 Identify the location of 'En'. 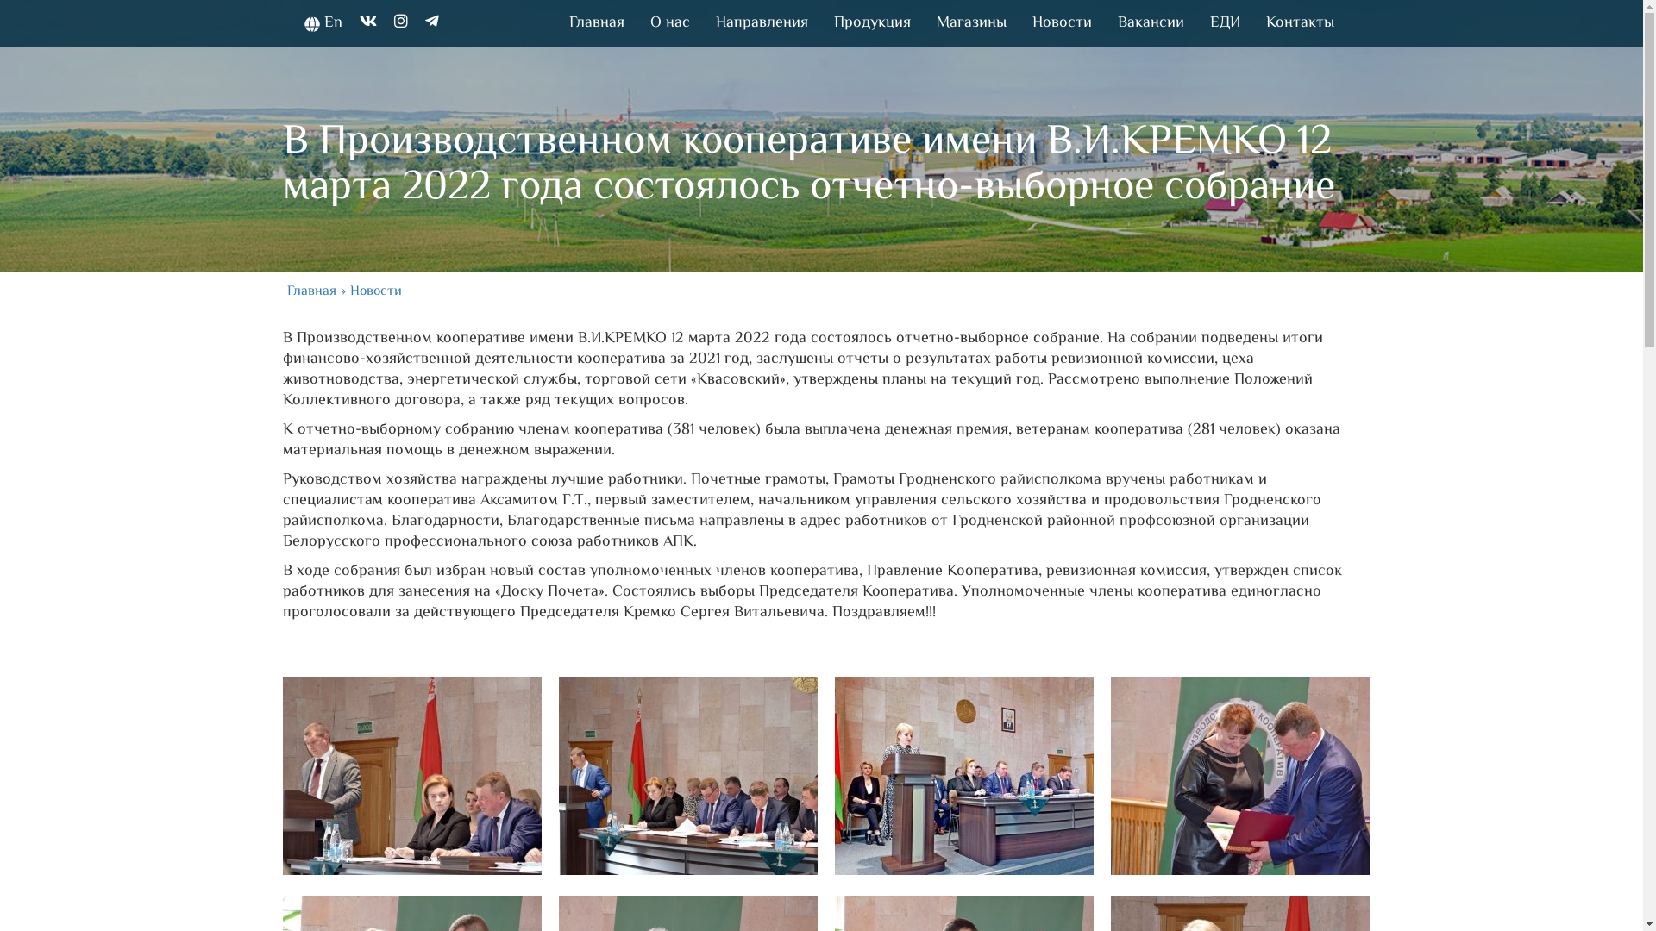
(323, 23).